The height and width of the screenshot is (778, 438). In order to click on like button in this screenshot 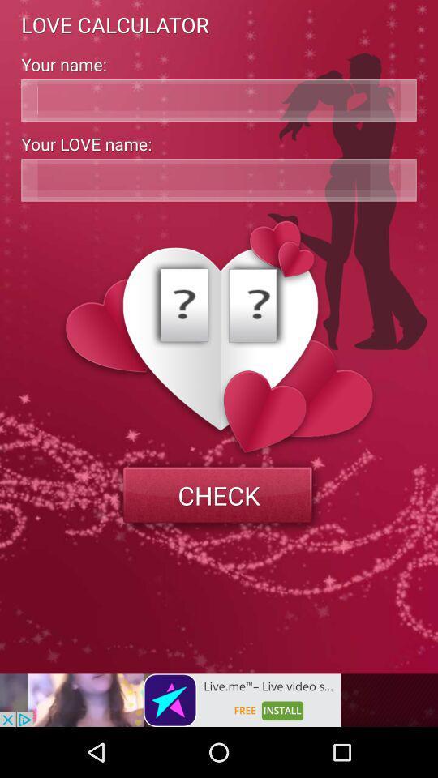, I will do `click(219, 180)`.